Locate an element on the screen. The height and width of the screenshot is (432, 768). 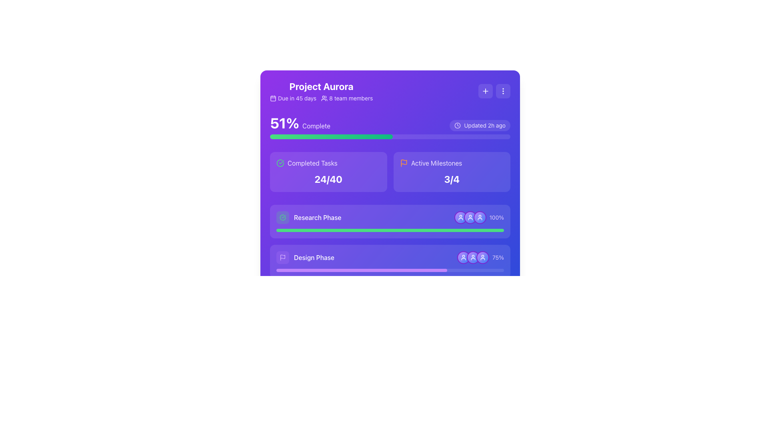
the Text display that shows the progress of active milestones as a fraction, located in the 'Active Milestones' section below its title, and aligned with the 'Completed Tasks' section is located at coordinates (452, 178).